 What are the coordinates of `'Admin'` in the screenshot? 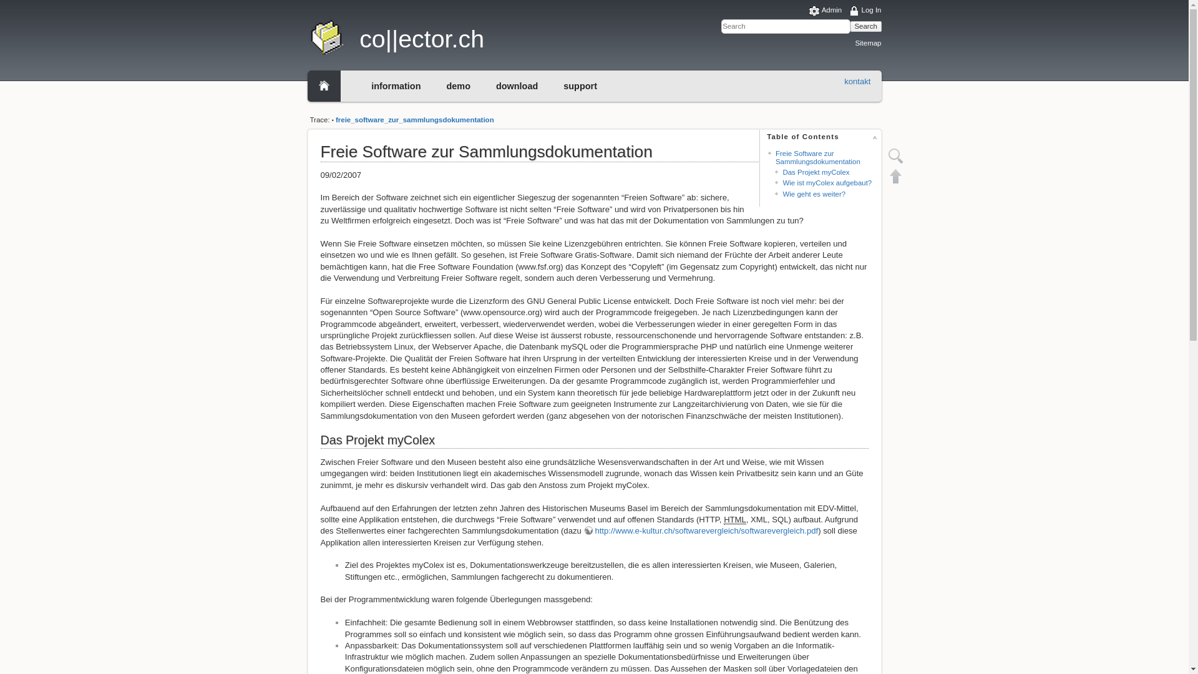 It's located at (825, 11).